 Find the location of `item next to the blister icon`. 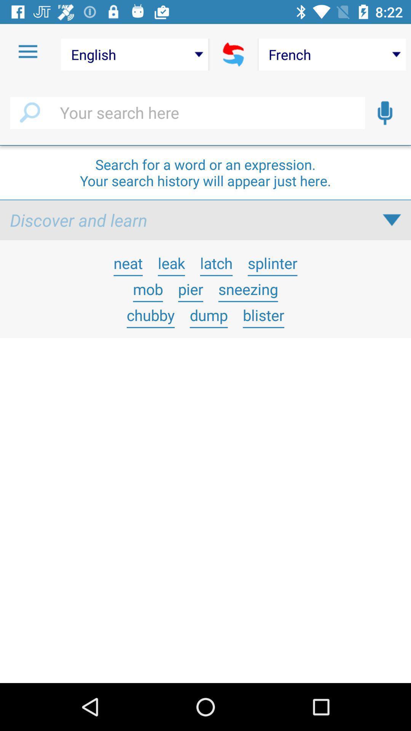

item next to the blister icon is located at coordinates (209, 315).